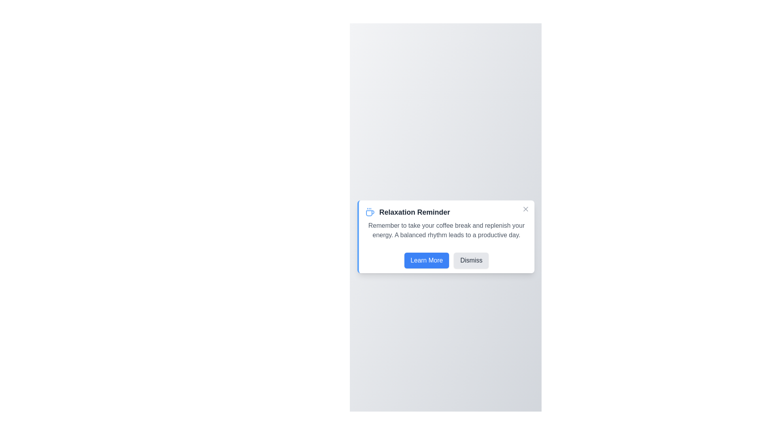 Image resolution: width=759 pixels, height=427 pixels. Describe the element at coordinates (426, 261) in the screenshot. I see `the 'Learn More' button to proceed to additional information` at that location.